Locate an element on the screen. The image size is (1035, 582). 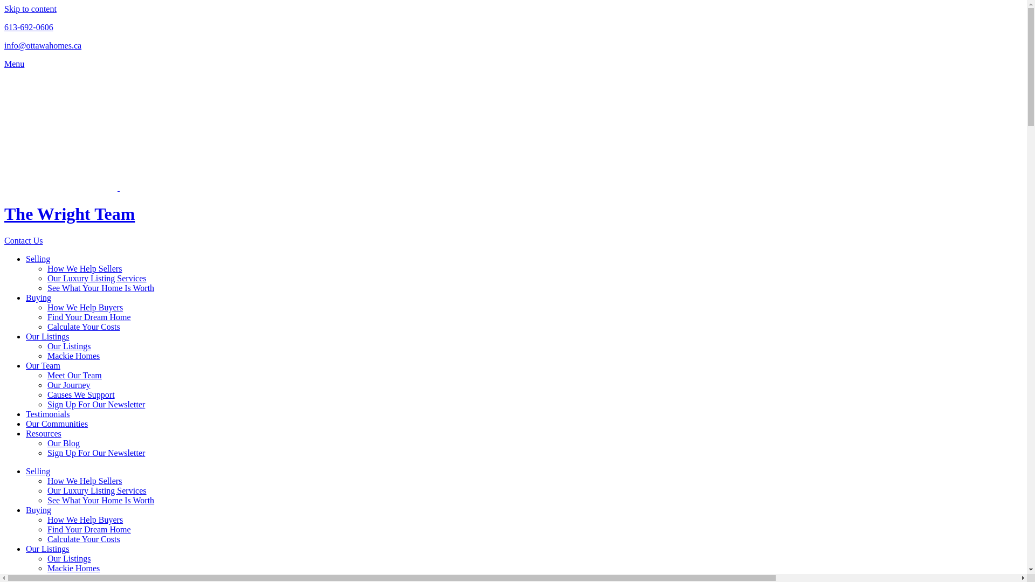
'Contact Us' is located at coordinates (23, 240).